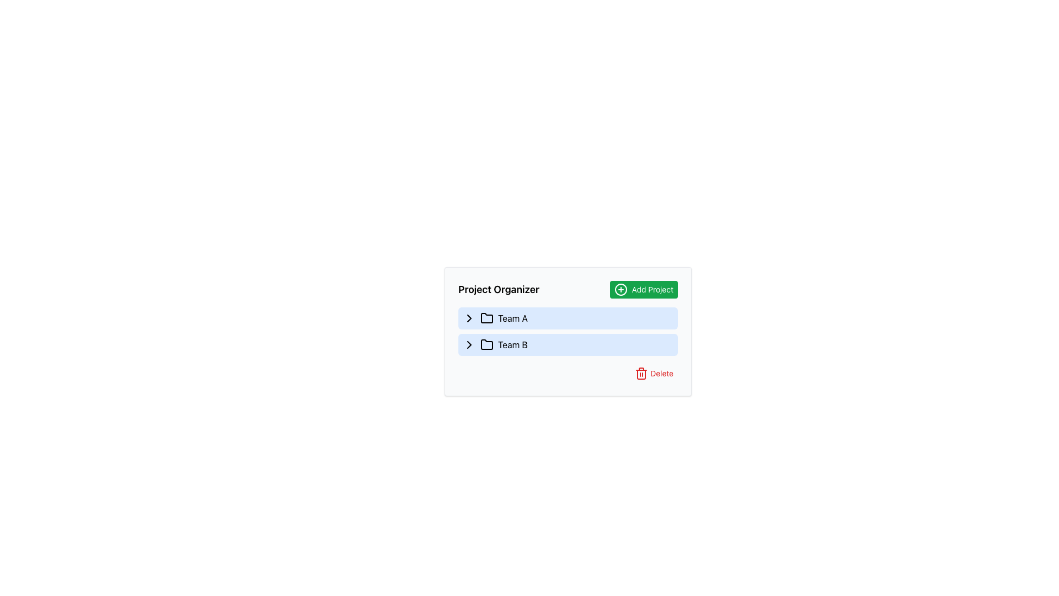  What do you see at coordinates (469, 318) in the screenshot?
I see `the right-facing chevron icon with a black outline in the 'Project Organizer' section` at bounding box center [469, 318].